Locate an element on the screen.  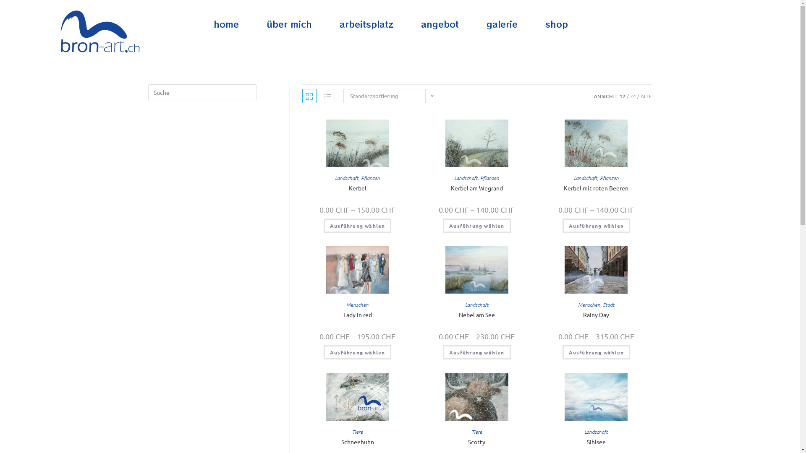
'24' is located at coordinates (633, 95).